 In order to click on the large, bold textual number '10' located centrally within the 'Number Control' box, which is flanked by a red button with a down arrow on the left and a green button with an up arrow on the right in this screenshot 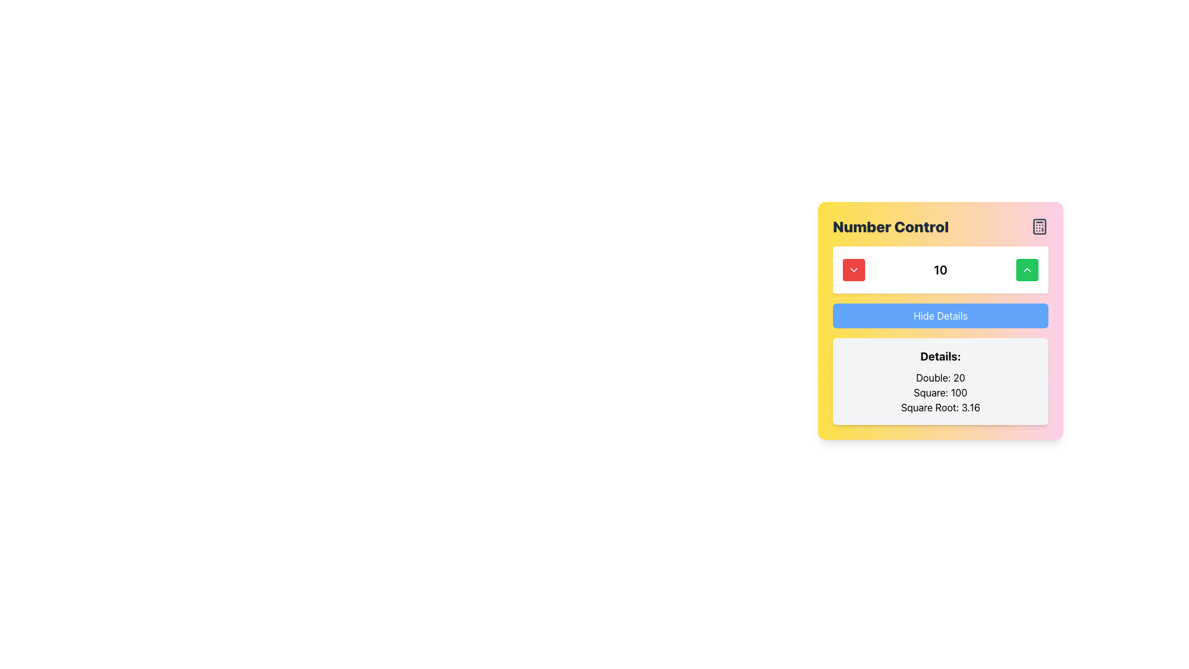, I will do `click(940, 269)`.